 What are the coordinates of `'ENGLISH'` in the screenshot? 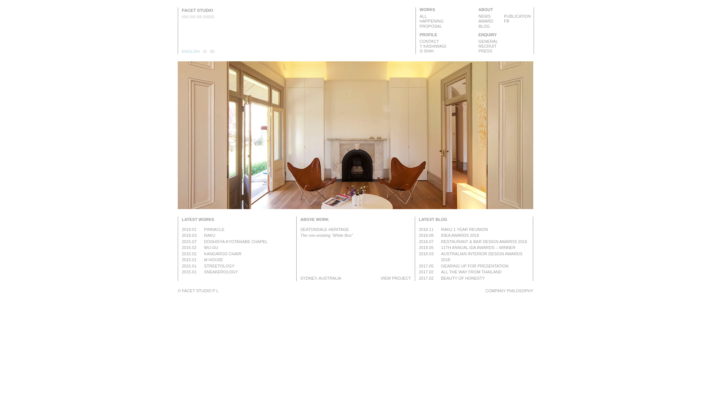 It's located at (190, 51).